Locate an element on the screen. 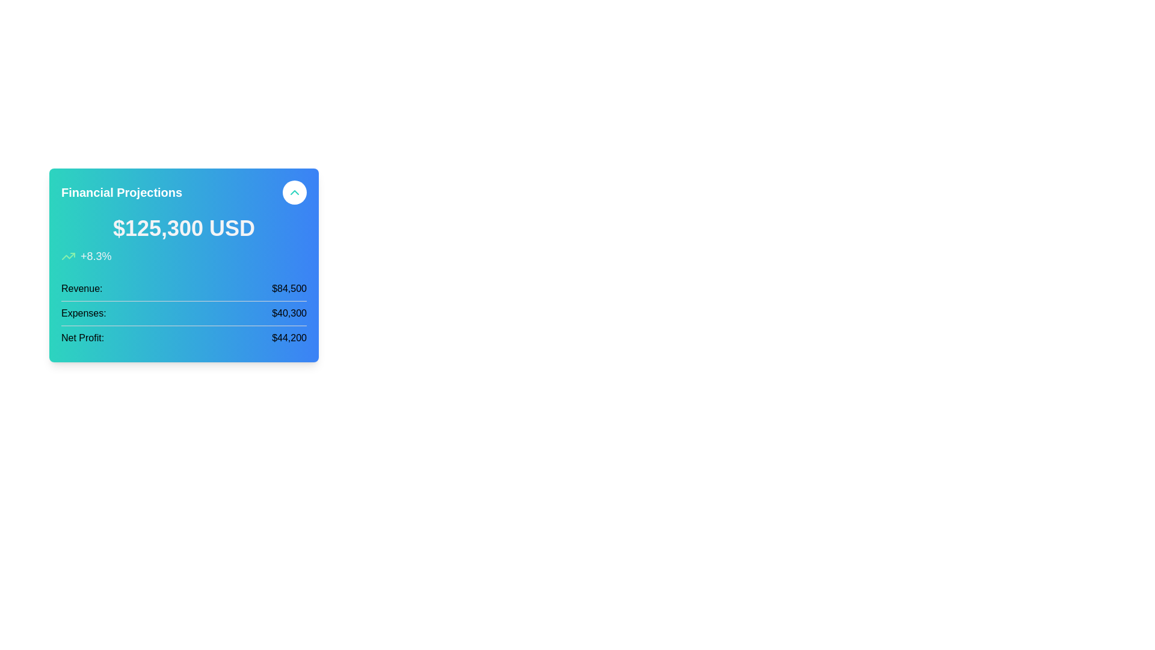 The image size is (1155, 650). the static text label displaying the monetary value '$40,300', which is styled in bold black font against a blue background and aligned to the right of the label 'Expenses:' is located at coordinates (289, 312).